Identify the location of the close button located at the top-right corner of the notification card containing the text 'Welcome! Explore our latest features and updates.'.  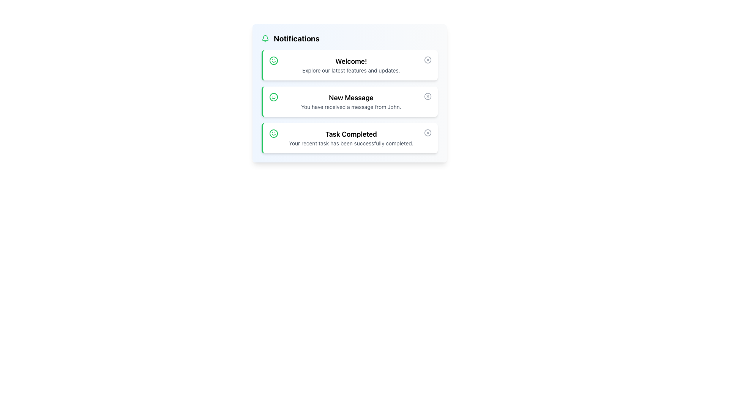
(428, 60).